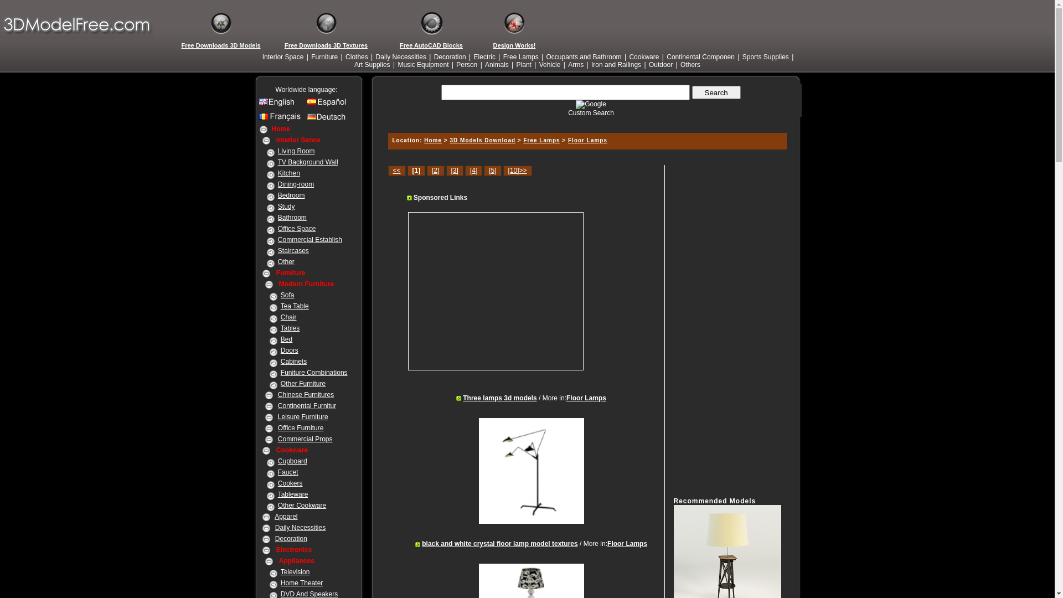  I want to click on '    Search    ', so click(716, 91).